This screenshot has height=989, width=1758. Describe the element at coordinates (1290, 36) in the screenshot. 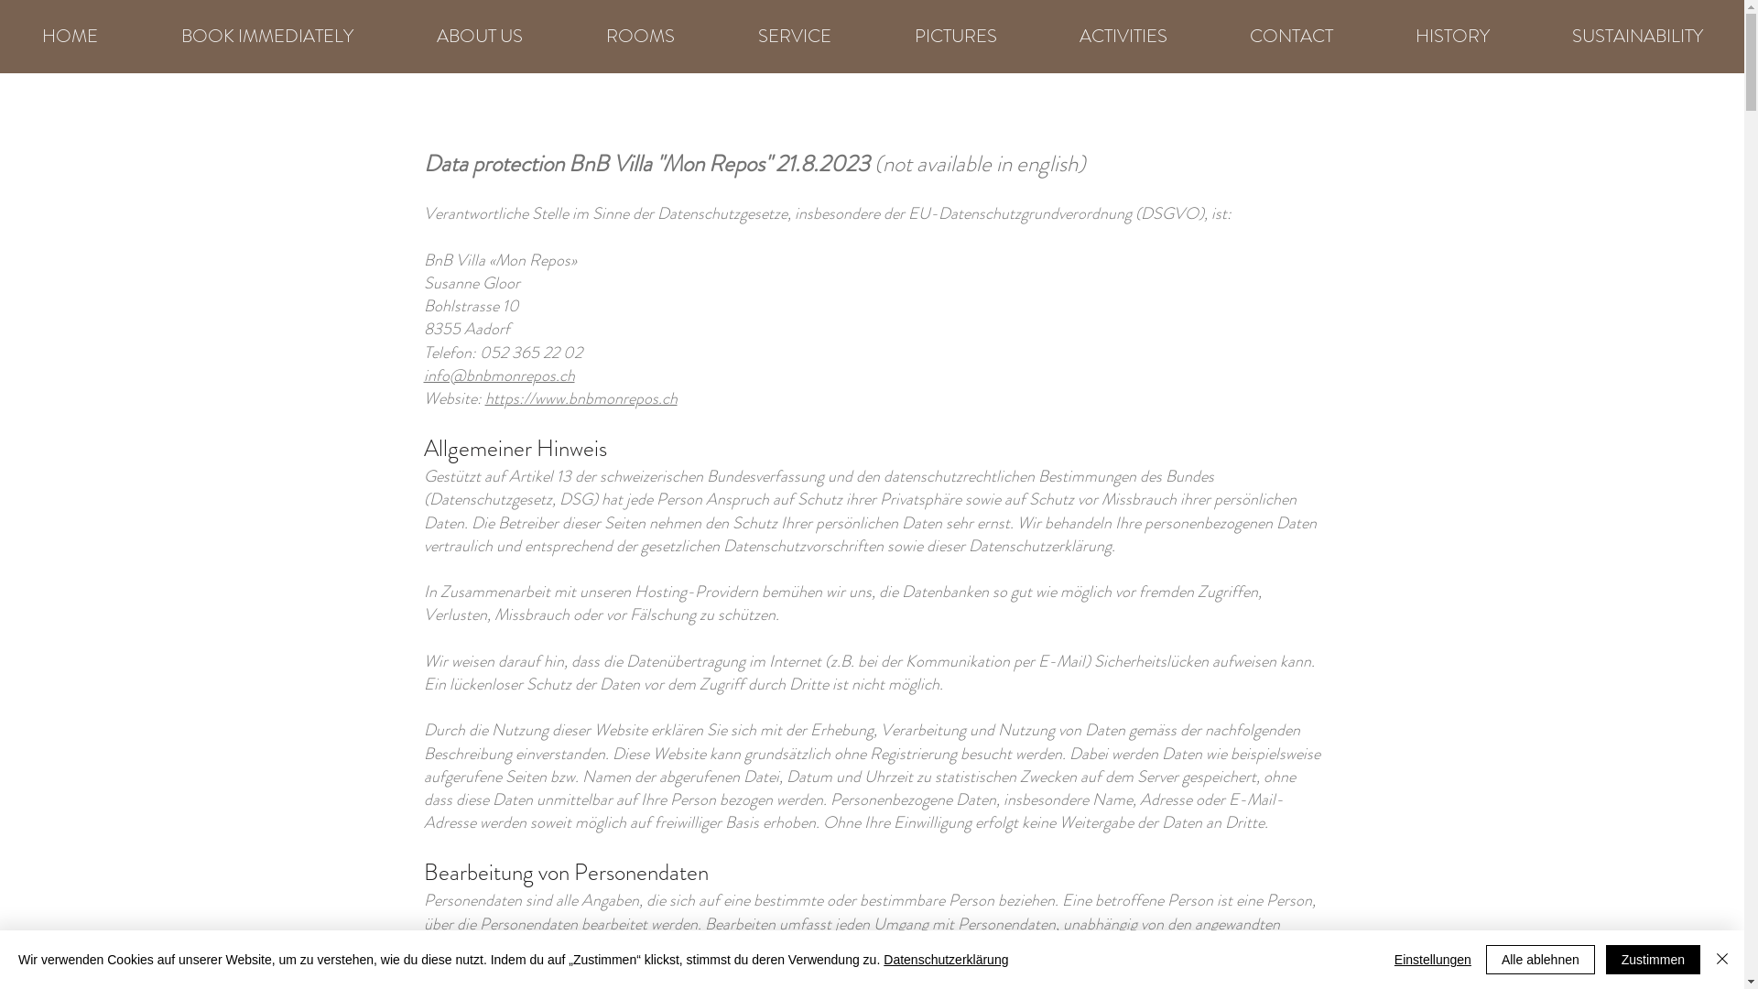

I see `'CONTACT'` at that location.